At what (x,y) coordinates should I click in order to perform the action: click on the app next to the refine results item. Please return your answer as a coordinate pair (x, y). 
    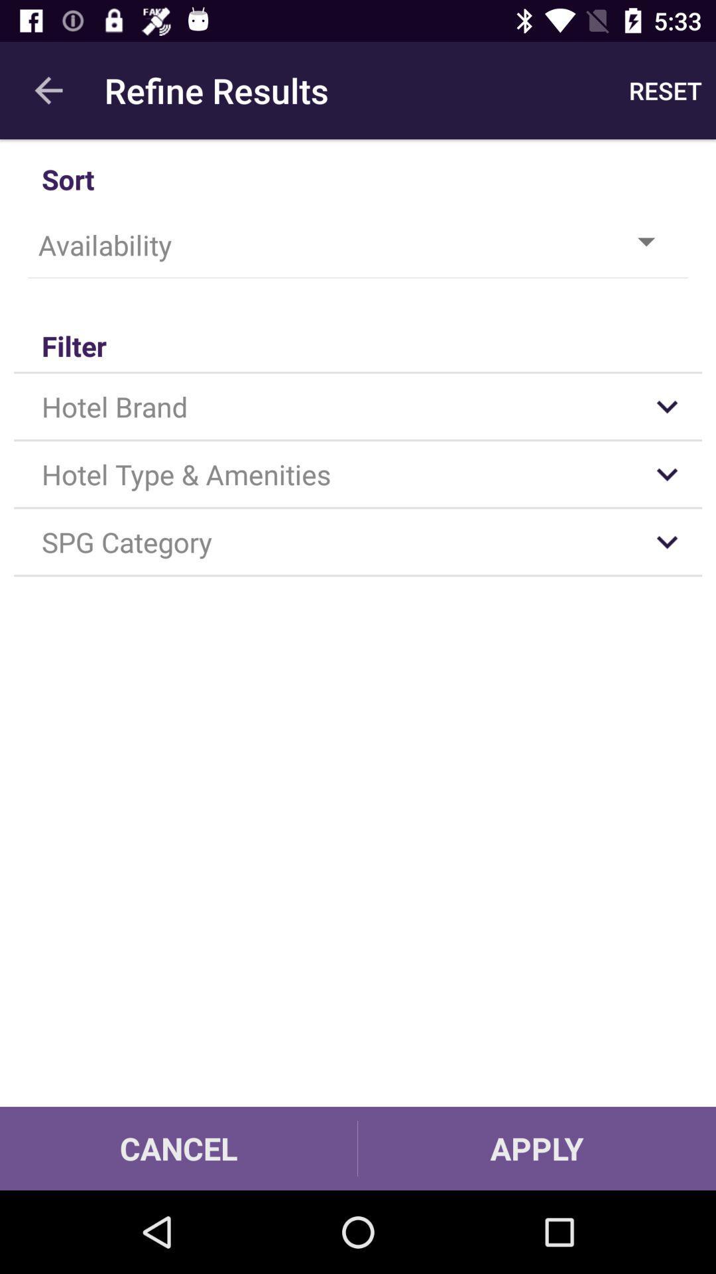
    Looking at the image, I should click on (48, 90).